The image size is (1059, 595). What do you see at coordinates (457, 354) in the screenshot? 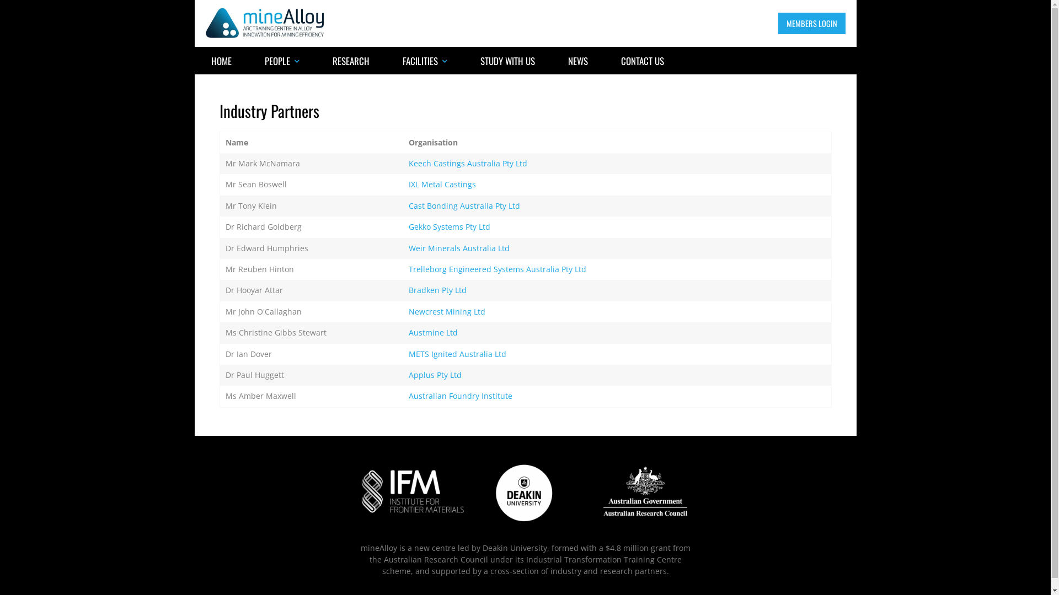
I see `'METS Ignited Australia Ltd'` at bounding box center [457, 354].